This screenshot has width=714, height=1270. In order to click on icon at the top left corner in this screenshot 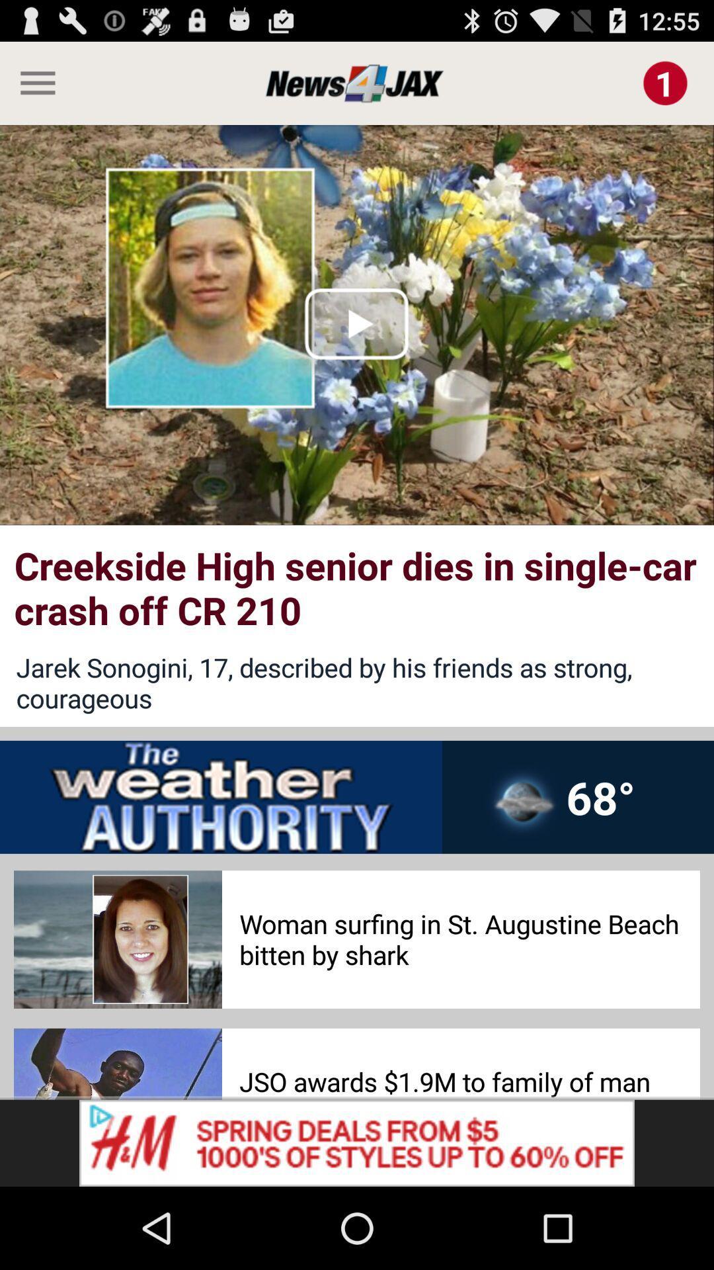, I will do `click(32, 82)`.